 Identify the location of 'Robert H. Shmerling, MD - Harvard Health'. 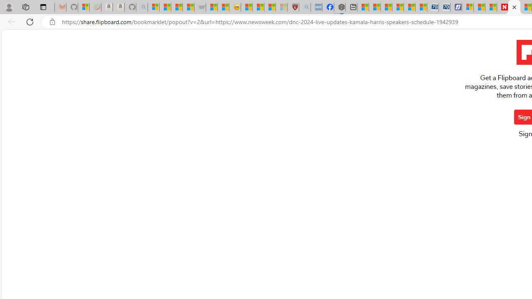
(293, 7).